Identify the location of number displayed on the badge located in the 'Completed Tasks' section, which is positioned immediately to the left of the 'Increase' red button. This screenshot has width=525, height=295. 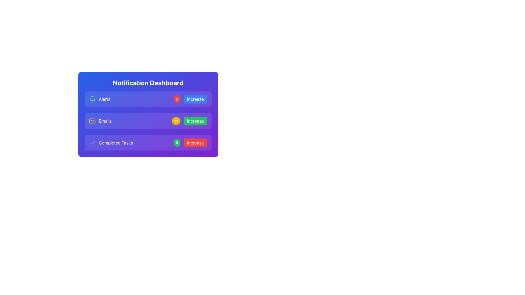
(177, 143).